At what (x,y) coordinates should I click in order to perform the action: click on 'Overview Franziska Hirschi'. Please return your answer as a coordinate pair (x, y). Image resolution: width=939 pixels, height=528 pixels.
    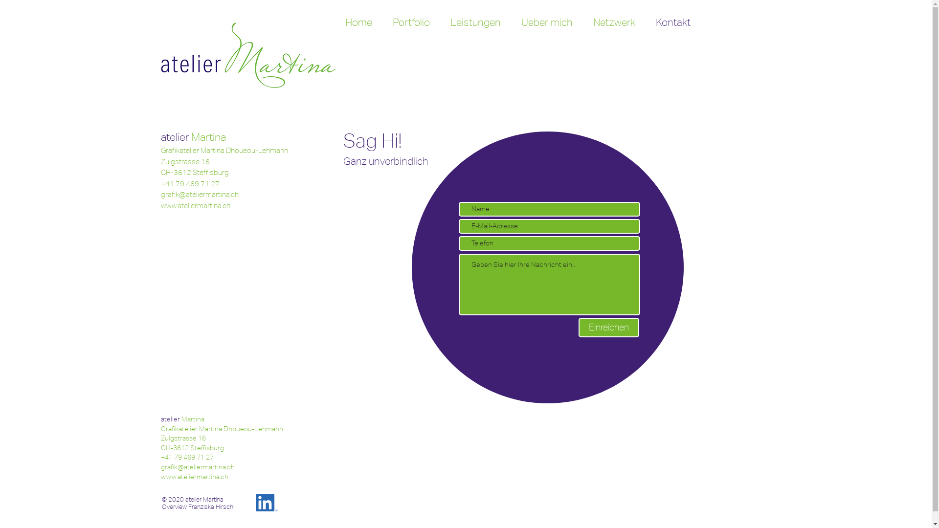
    Looking at the image, I should click on (197, 506).